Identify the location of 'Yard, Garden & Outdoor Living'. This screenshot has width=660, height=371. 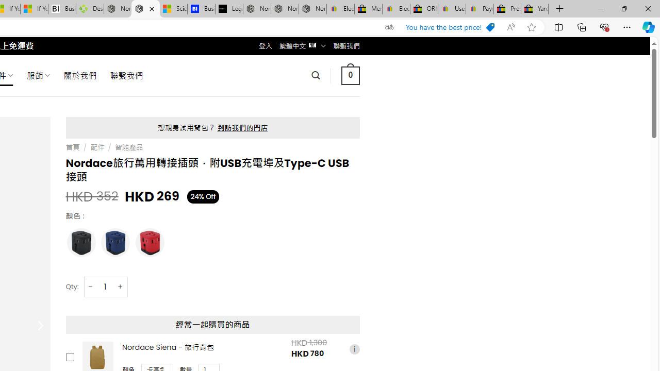
(535, 9).